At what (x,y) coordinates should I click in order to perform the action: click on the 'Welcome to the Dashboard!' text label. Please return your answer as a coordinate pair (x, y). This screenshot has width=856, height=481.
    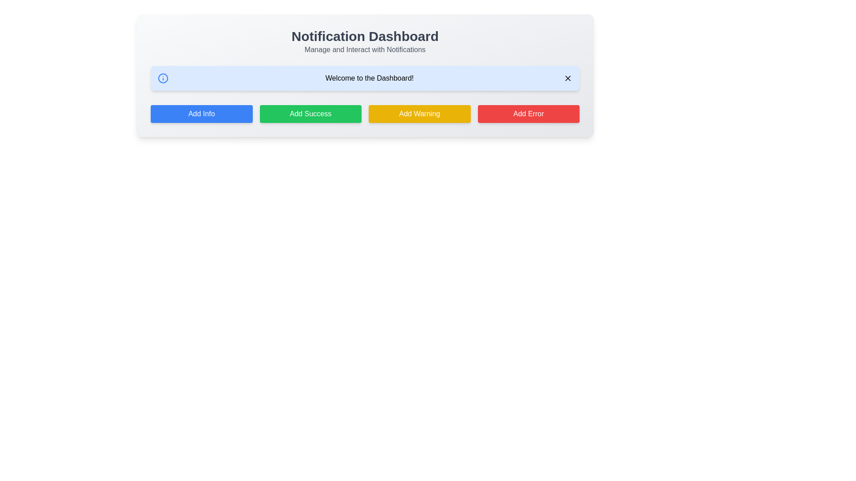
    Looking at the image, I should click on (370, 78).